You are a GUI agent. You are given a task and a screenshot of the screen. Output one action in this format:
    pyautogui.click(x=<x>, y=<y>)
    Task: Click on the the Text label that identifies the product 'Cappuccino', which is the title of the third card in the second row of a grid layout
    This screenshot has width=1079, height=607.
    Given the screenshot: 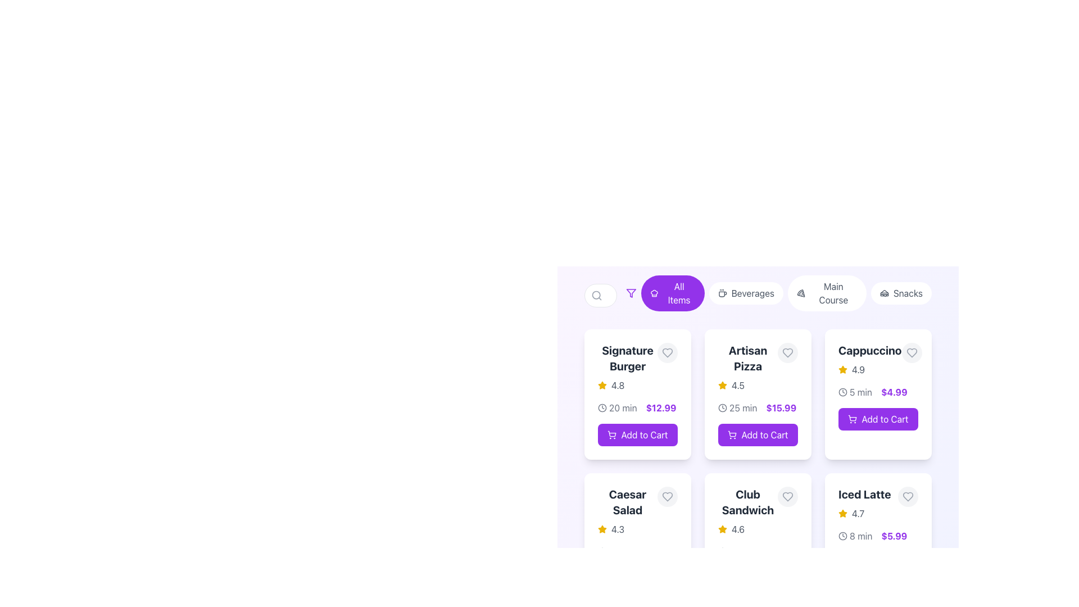 What is the action you would take?
    pyautogui.click(x=869, y=350)
    